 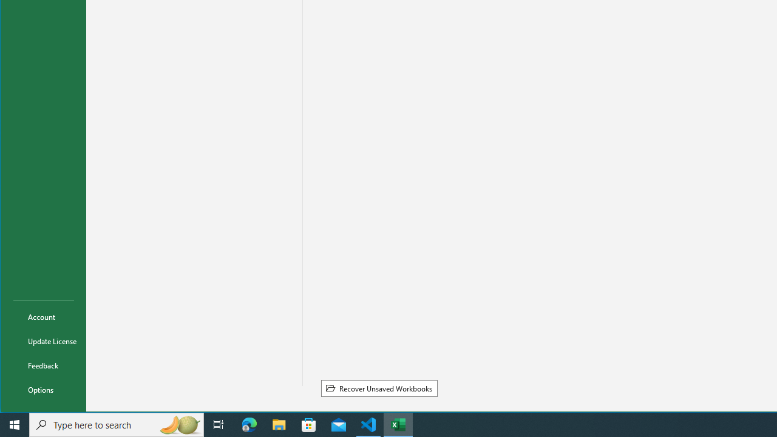 What do you see at coordinates (117, 424) in the screenshot?
I see `'Type here to search'` at bounding box center [117, 424].